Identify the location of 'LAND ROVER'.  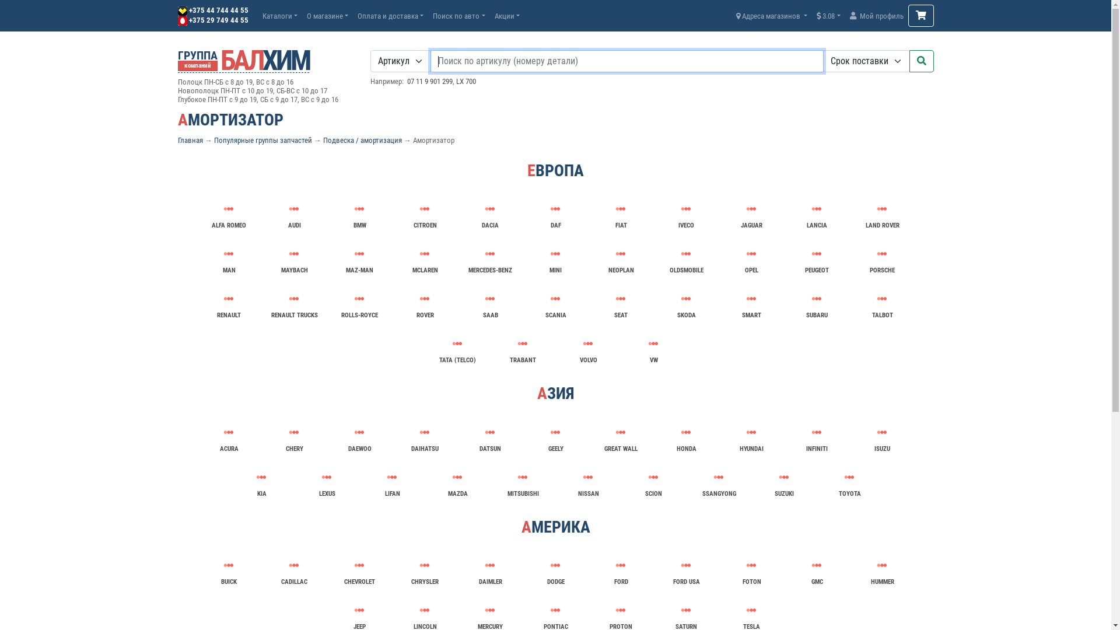
(882, 213).